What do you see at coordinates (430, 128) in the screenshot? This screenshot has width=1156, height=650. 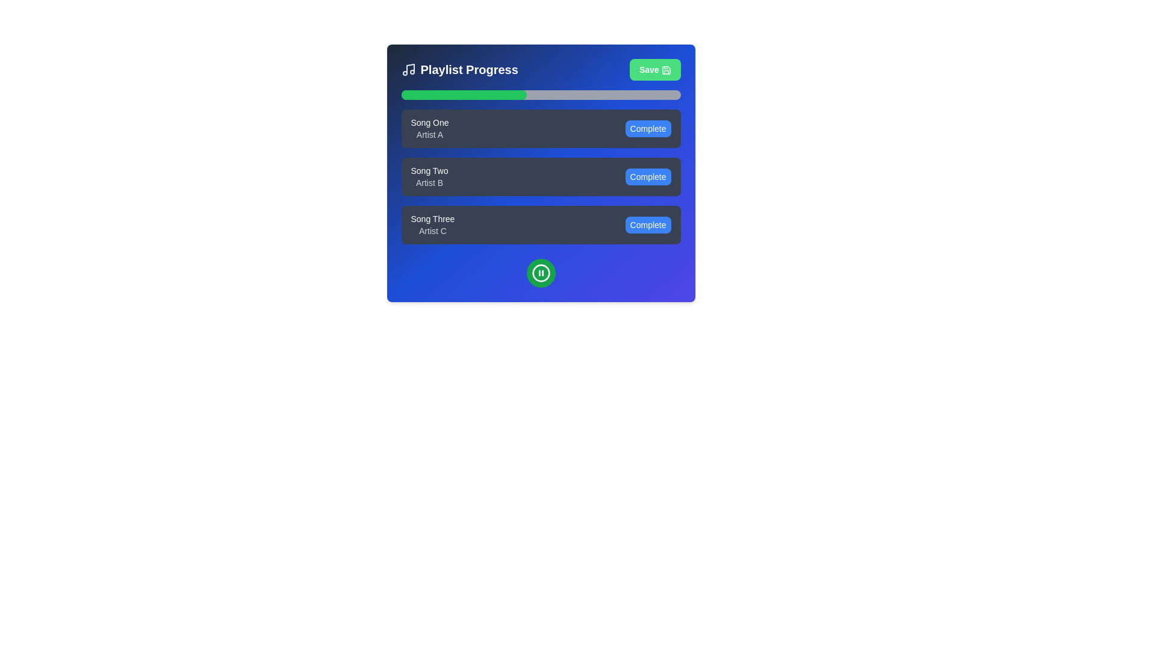 I see `the Text Display that shows the name of a song and its artist, located on the top-most music entry in a card-like structure to the left of the 'Complete' button` at bounding box center [430, 128].